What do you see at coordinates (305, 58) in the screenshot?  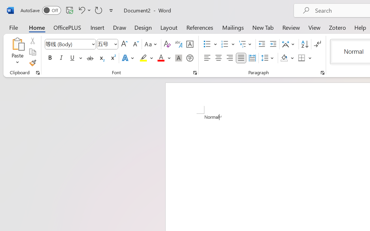 I see `'Borders'` at bounding box center [305, 58].